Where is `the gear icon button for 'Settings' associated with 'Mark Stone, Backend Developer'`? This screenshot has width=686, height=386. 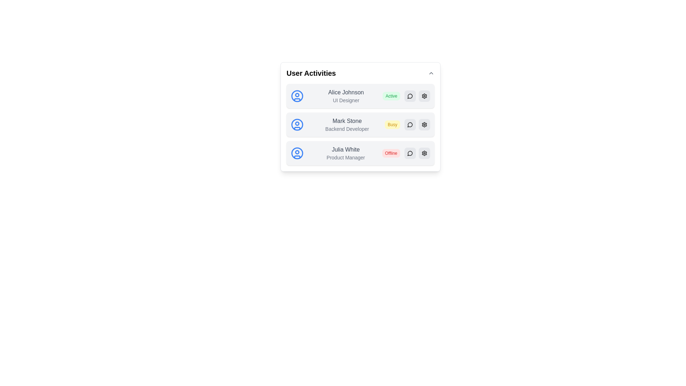
the gear icon button for 'Settings' associated with 'Mark Stone, Backend Developer' is located at coordinates (424, 124).